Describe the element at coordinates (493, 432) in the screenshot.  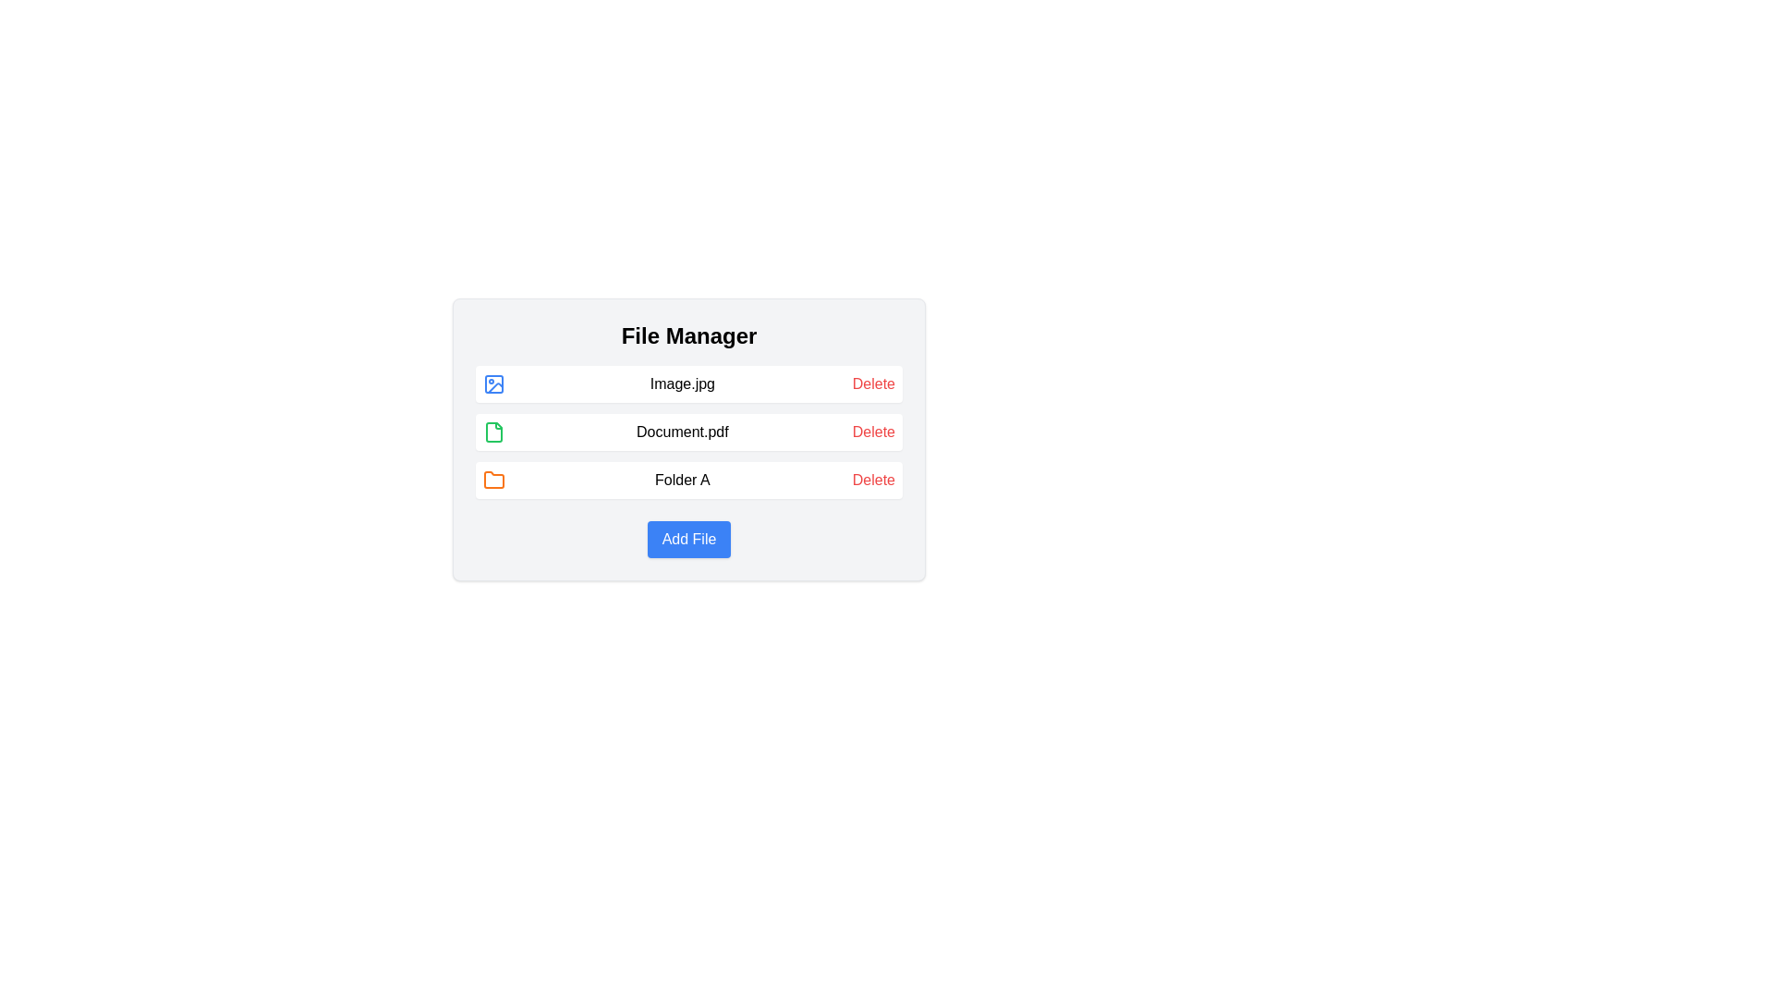
I see `the green file icon` at that location.